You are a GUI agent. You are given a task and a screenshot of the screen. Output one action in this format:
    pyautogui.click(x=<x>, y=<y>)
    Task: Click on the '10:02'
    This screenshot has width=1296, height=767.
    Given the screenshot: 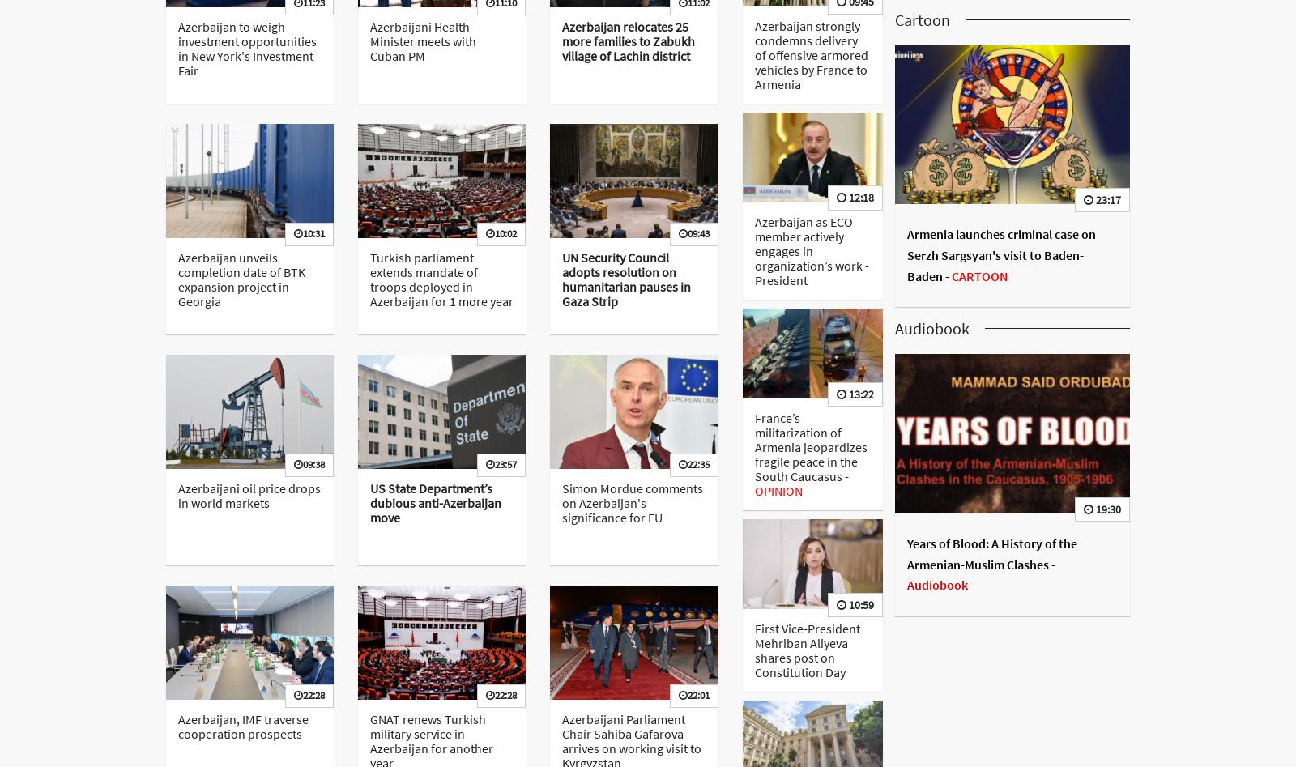 What is the action you would take?
    pyautogui.click(x=505, y=232)
    